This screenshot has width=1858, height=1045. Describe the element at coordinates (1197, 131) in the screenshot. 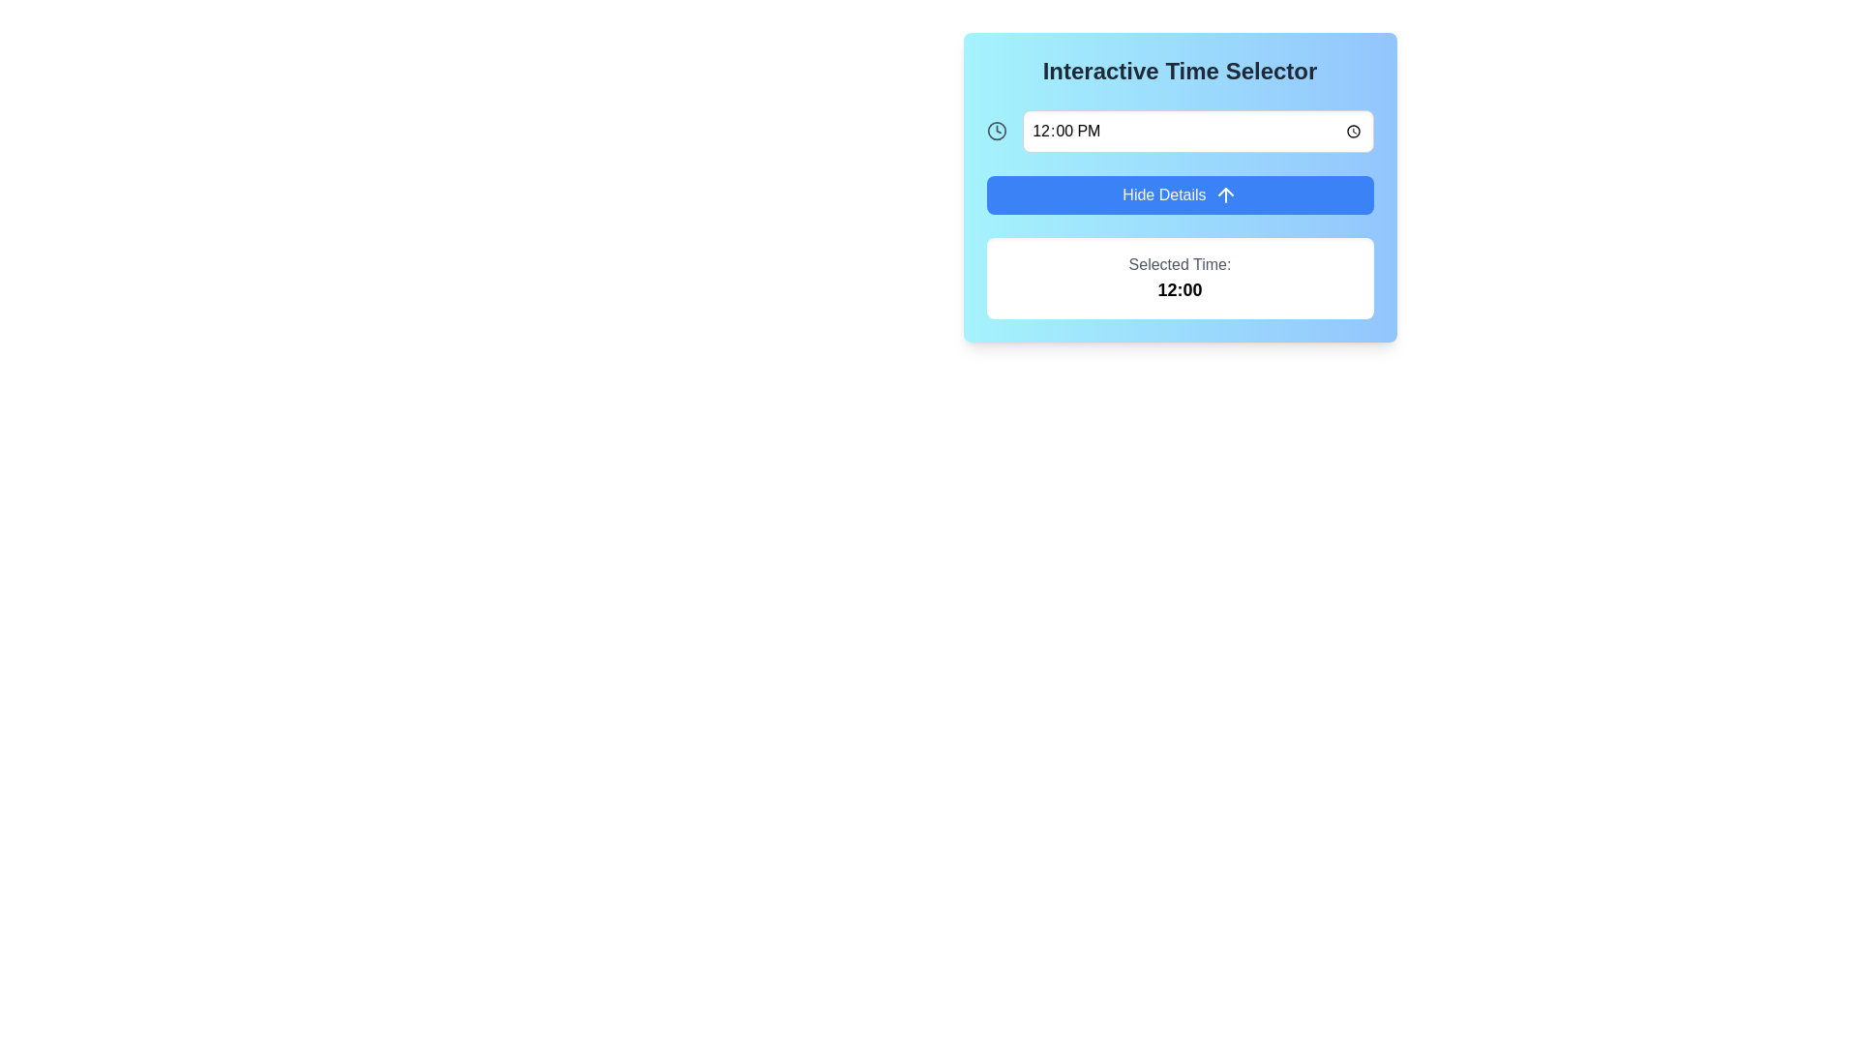

I see `the time input field displaying '12:00 PM', which has a rounded border and light-colored background` at that location.